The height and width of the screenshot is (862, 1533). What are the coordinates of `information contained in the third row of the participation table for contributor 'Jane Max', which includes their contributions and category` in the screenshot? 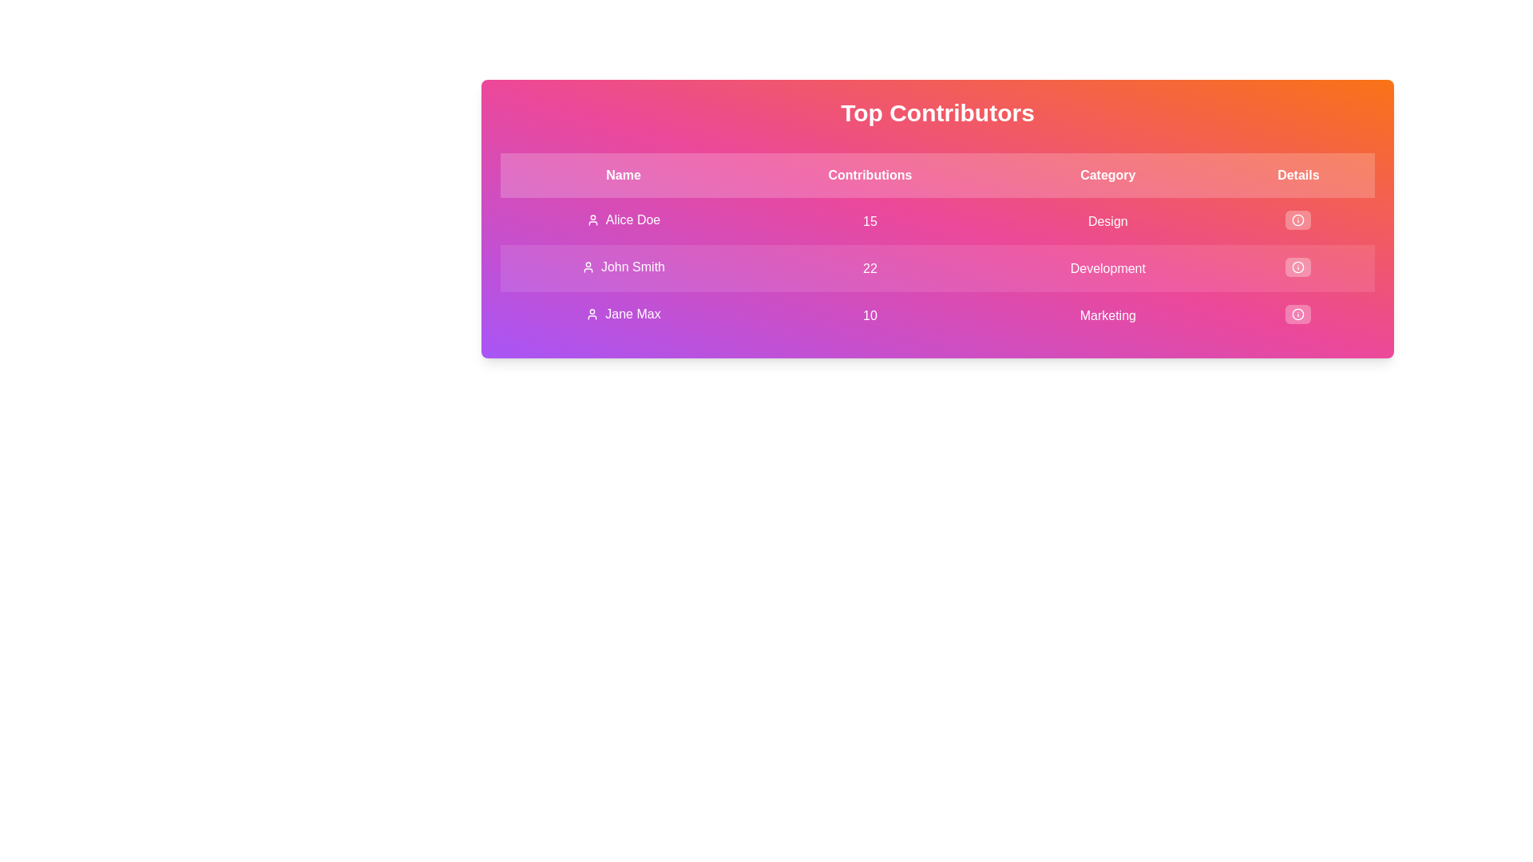 It's located at (937, 315).